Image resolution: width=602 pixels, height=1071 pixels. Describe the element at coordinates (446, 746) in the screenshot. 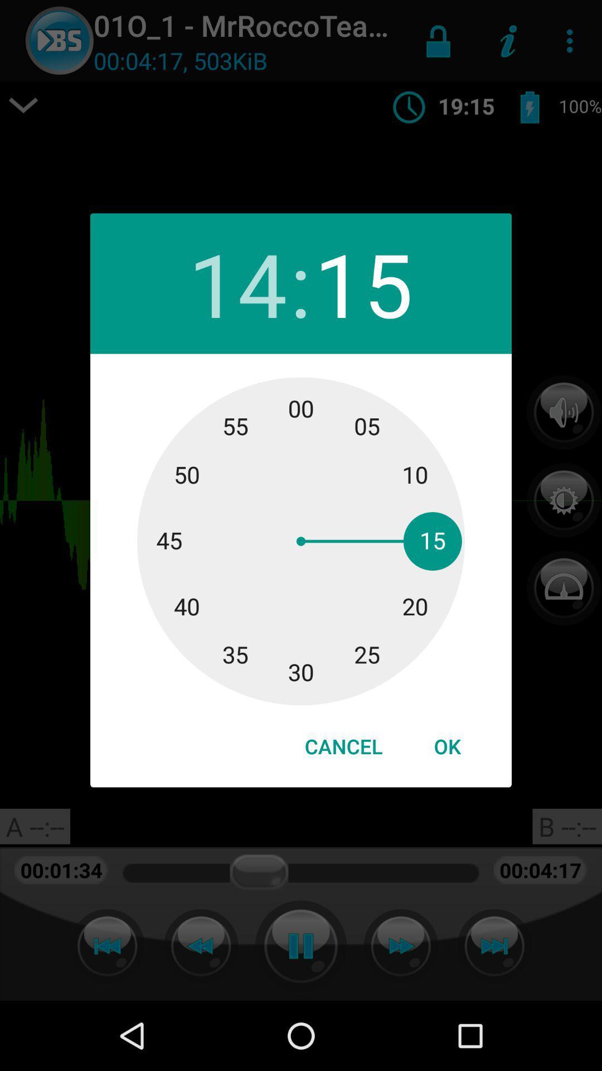

I see `the item to the right of cancel item` at that location.